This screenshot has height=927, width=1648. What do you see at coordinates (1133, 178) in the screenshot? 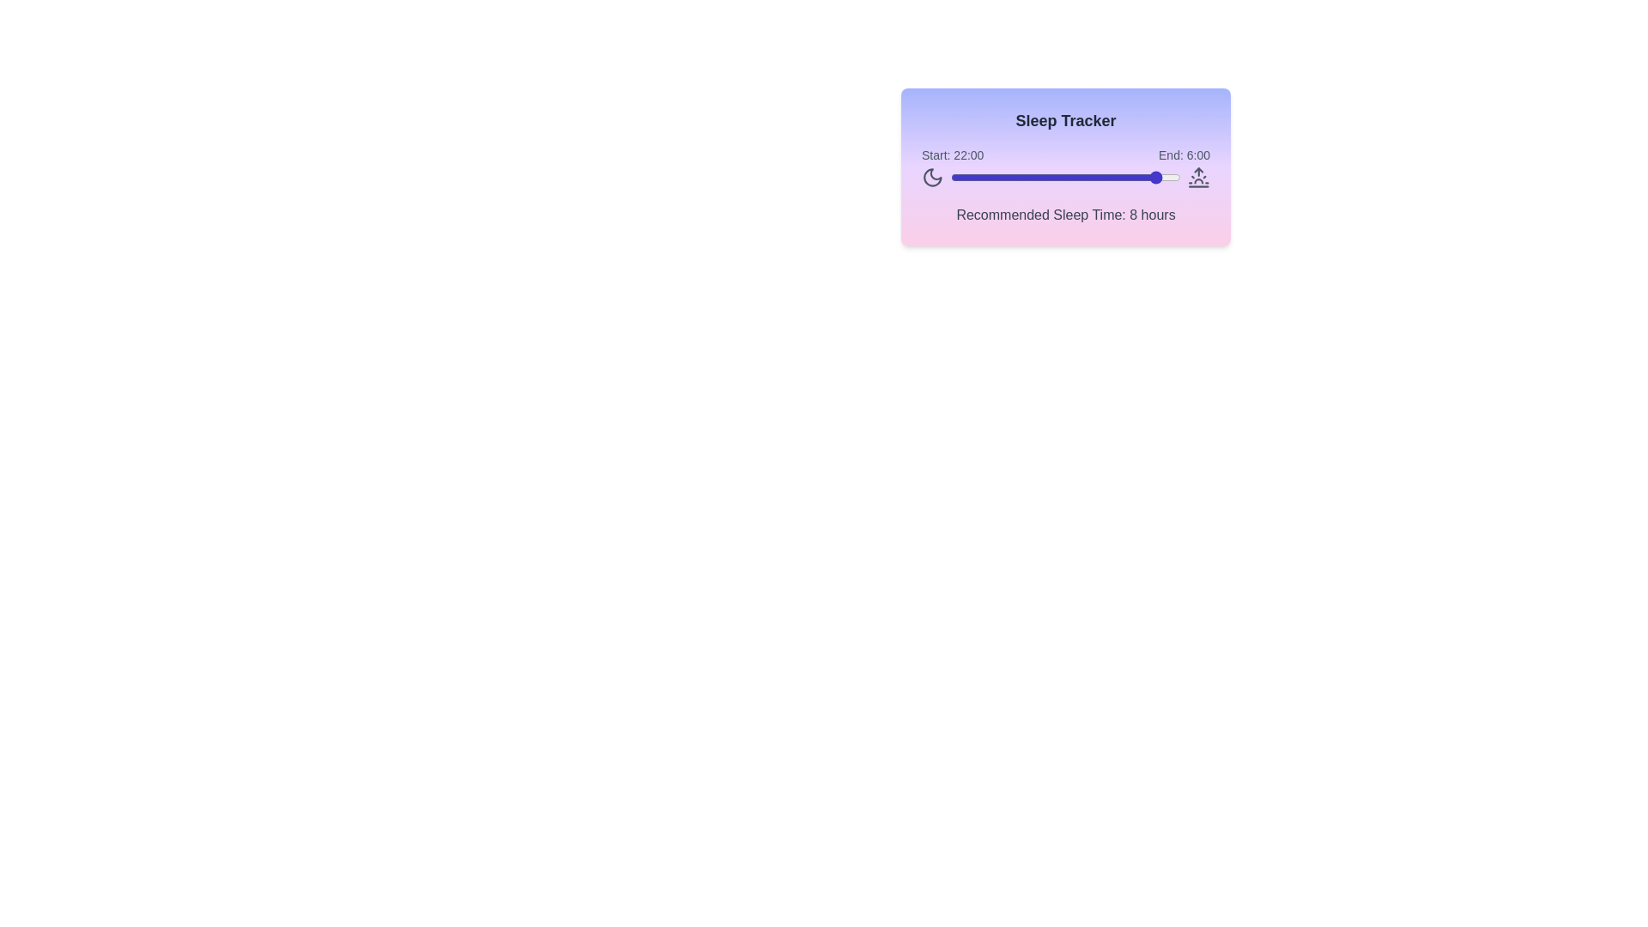
I see `the sleep time slider to set the start time to 19` at bounding box center [1133, 178].